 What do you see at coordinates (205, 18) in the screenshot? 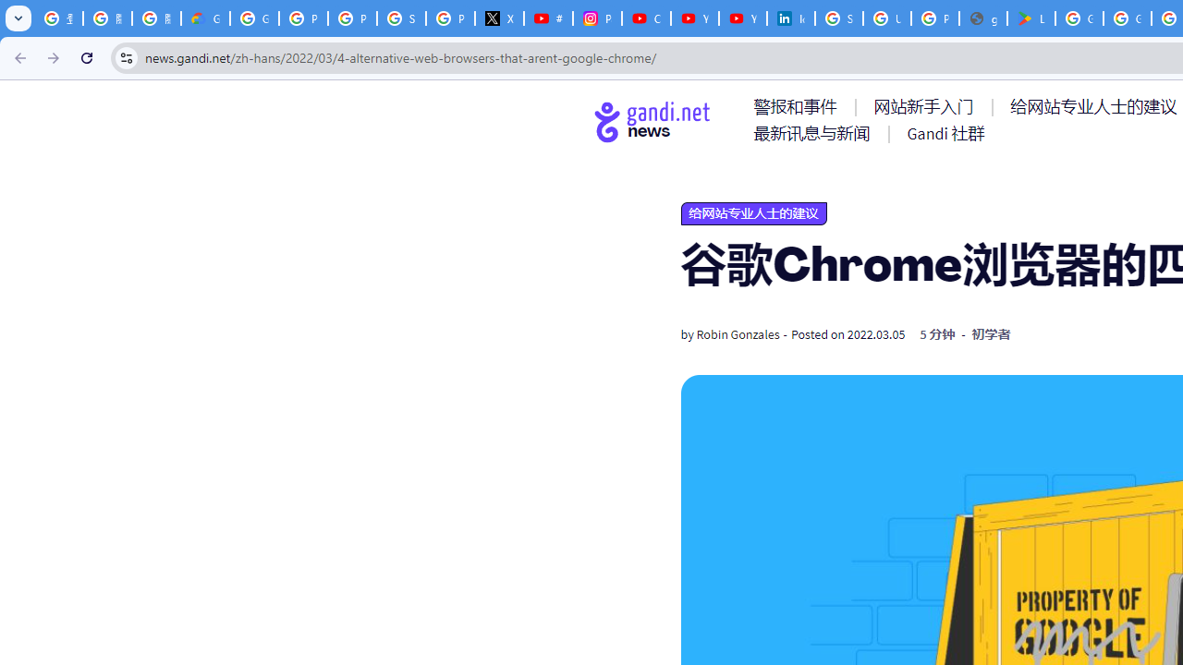
I see `'Google Cloud Privacy Notice'` at bounding box center [205, 18].